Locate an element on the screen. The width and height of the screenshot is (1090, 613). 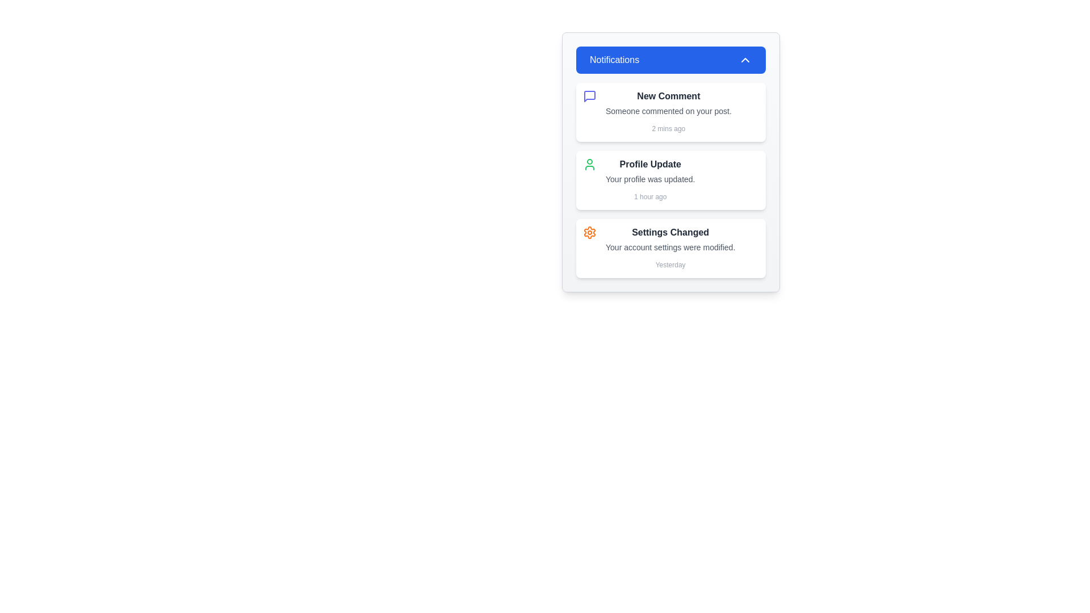
the text label element displaying '2 mins ago', which is styled in gray and positioned below the notification description 'Someone commented on your post.' is located at coordinates (668, 128).